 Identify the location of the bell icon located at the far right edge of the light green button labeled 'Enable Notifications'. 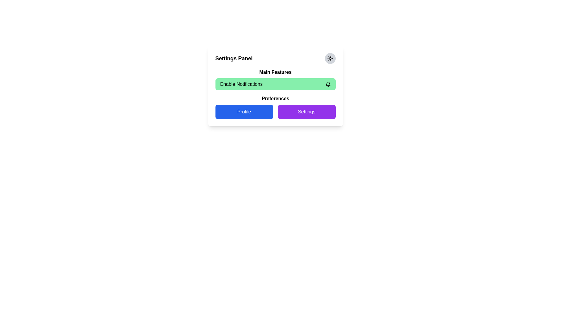
(328, 84).